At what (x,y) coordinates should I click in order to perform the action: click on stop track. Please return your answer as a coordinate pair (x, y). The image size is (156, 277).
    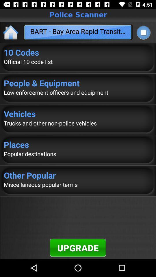
    Looking at the image, I should click on (143, 32).